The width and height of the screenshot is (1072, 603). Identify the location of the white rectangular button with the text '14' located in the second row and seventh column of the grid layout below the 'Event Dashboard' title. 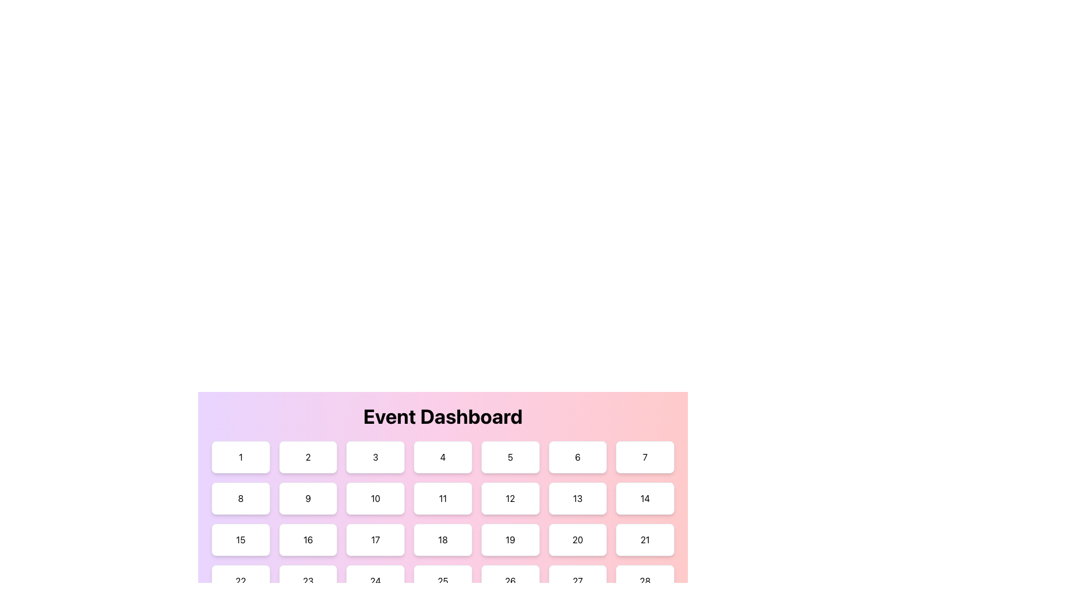
(645, 498).